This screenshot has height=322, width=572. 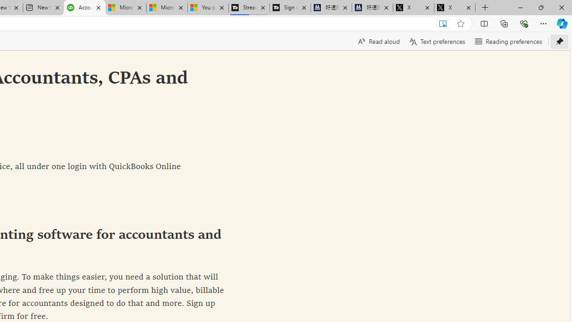 I want to click on 'Unpin toolbar', so click(x=559, y=41).